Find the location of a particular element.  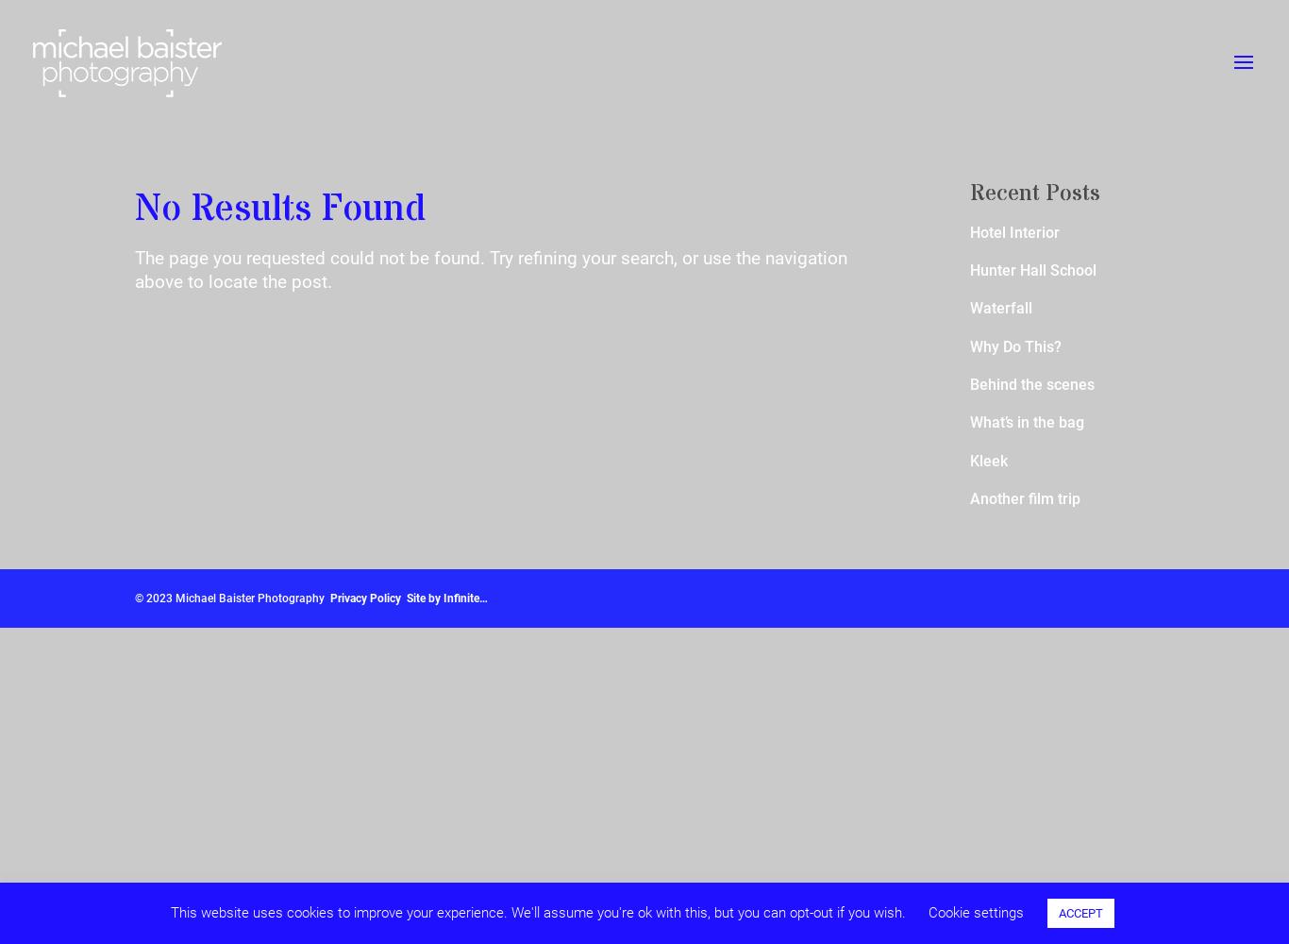

'Site by Infinite…' is located at coordinates (447, 598).